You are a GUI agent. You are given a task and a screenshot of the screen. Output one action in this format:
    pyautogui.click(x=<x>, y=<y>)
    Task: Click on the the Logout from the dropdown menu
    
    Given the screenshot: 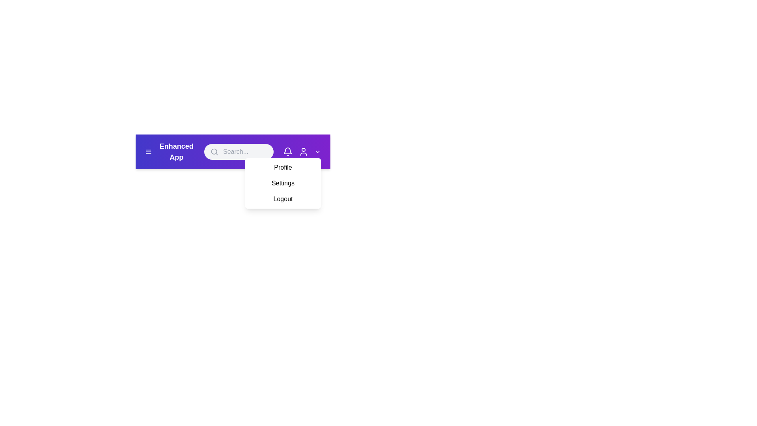 What is the action you would take?
    pyautogui.click(x=283, y=199)
    